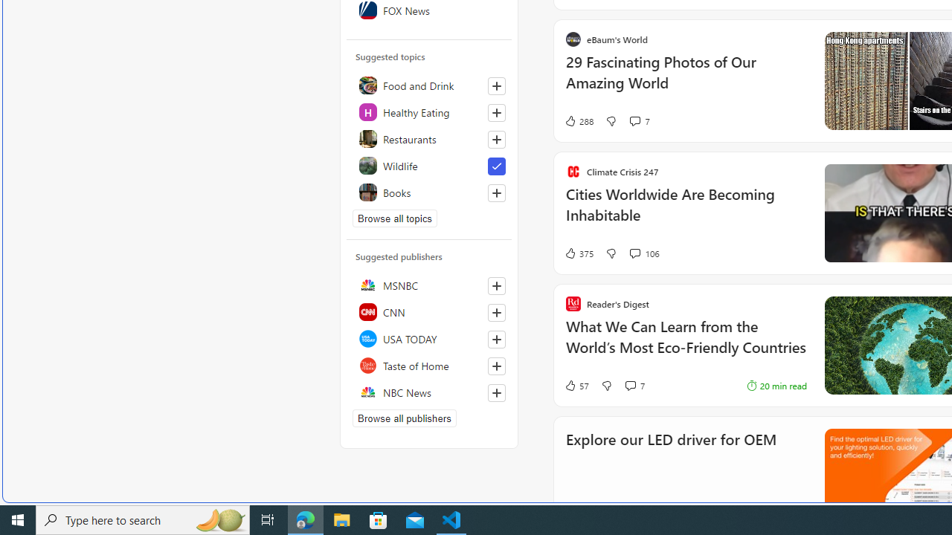 The image size is (952, 535). I want to click on 'Follow this source', so click(496, 392).